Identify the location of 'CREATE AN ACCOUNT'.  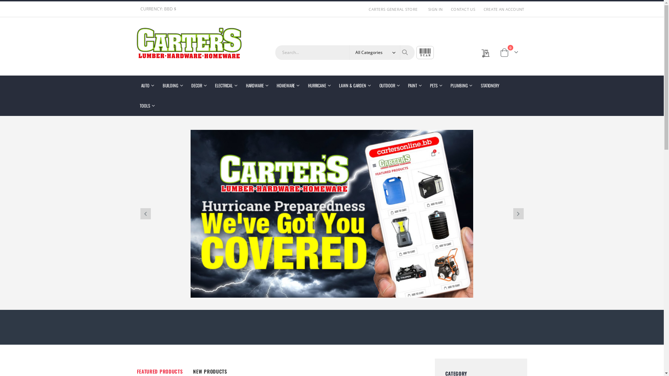
(502, 9).